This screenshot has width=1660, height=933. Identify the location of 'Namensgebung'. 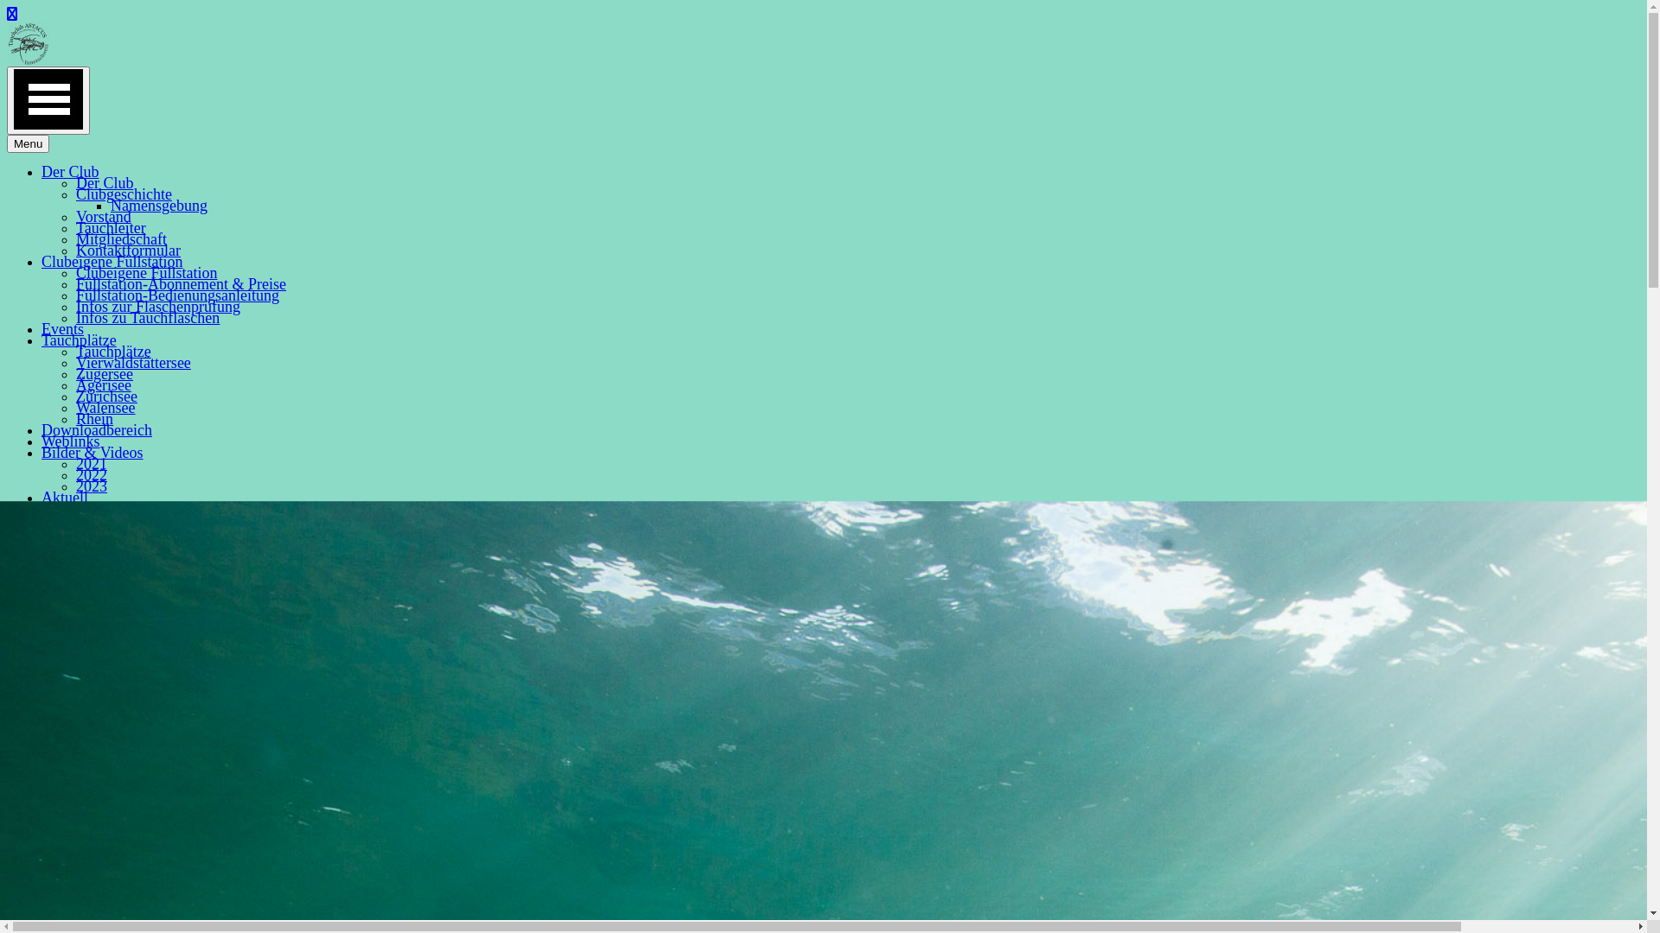
(110, 205).